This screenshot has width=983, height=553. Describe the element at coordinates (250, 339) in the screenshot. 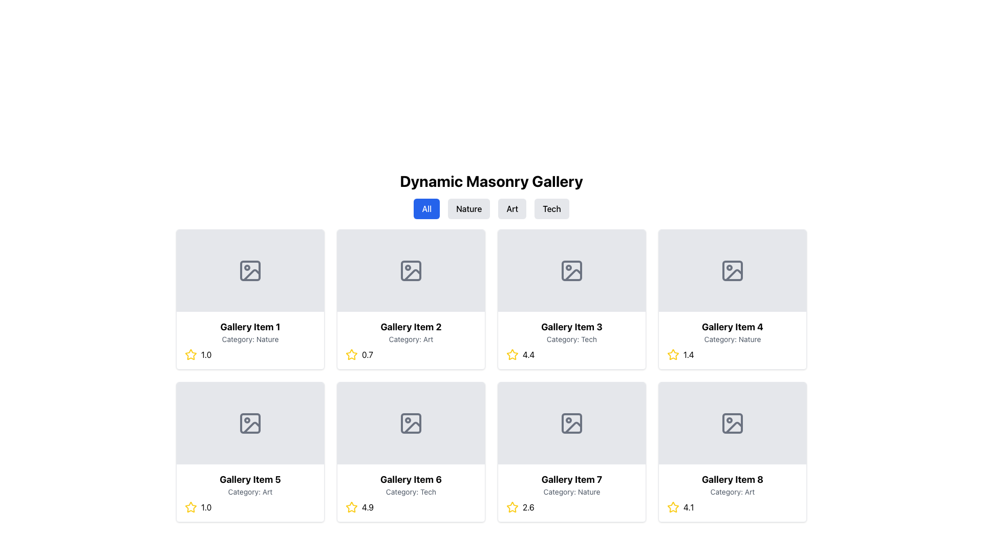

I see `the text label displaying 'Category: Nature', which is located under the title 'Gallery Item 1' and above a rating indicator` at that location.